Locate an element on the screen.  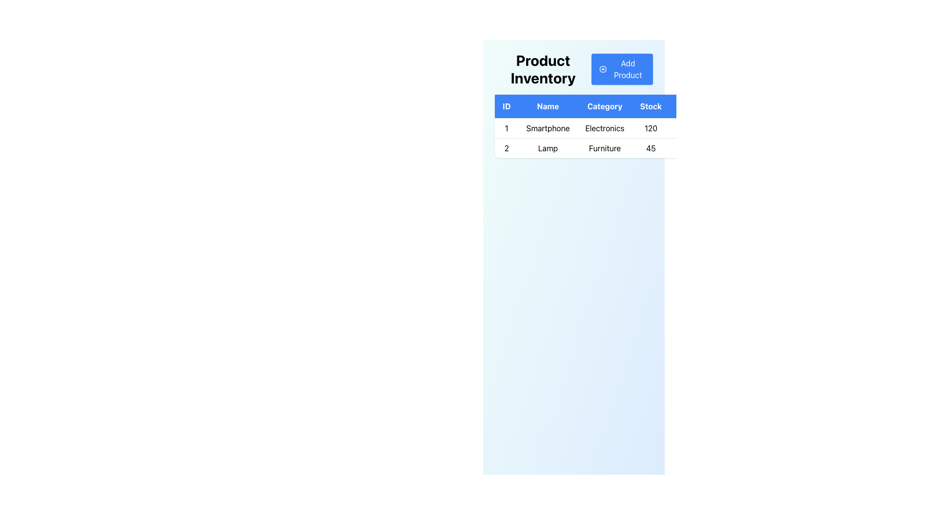
the circular icon with a plus symbol inside the 'Add Product' button located at the top-right section of the panel is located at coordinates (602, 69).